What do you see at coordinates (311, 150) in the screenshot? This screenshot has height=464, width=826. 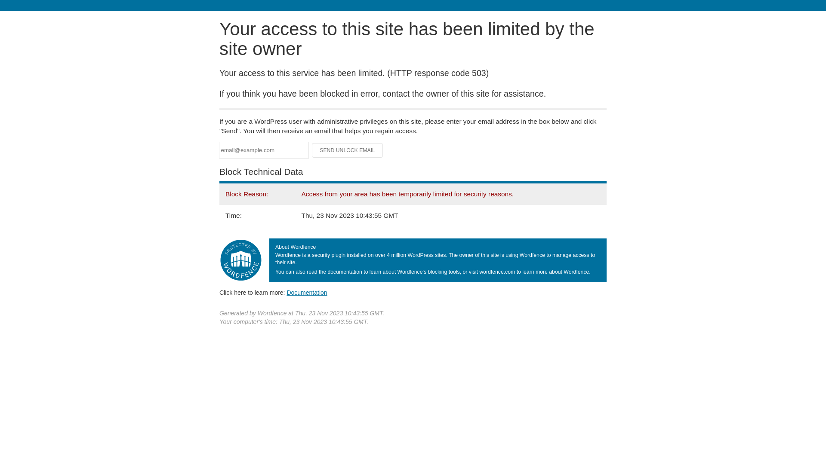 I see `'Send Unlock Email'` at bounding box center [311, 150].